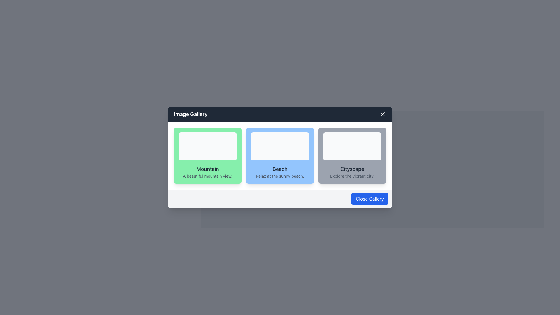 The image size is (560, 315). What do you see at coordinates (280, 176) in the screenshot?
I see `the static text element that describes the 'Beach' card, which is positioned at the bottom of the light blue card, below the title and image placeholder` at bounding box center [280, 176].